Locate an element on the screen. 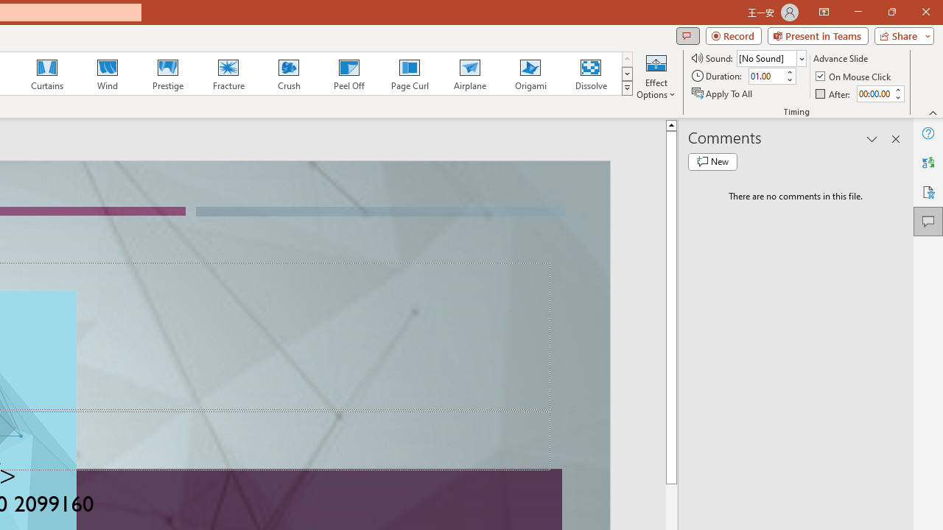  'Close pane' is located at coordinates (895, 139).